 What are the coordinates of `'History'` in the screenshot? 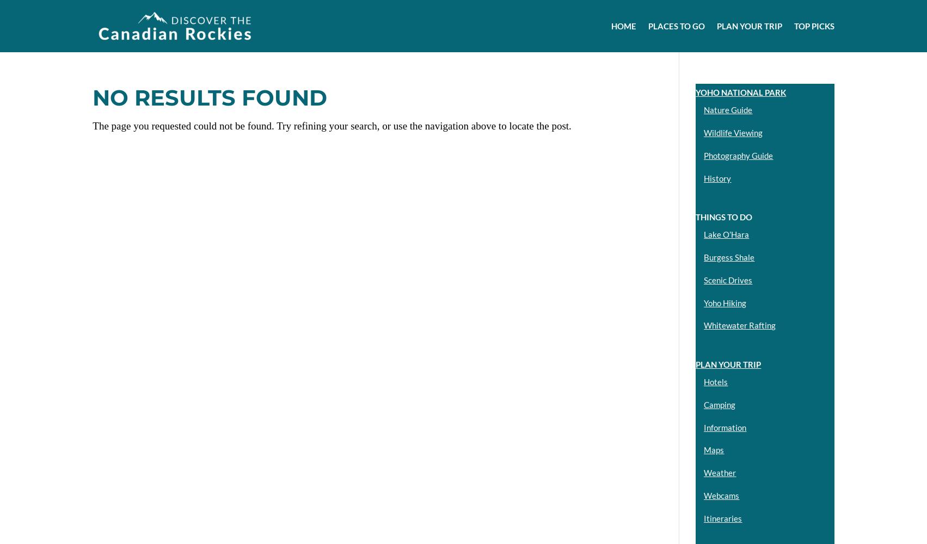 It's located at (716, 177).